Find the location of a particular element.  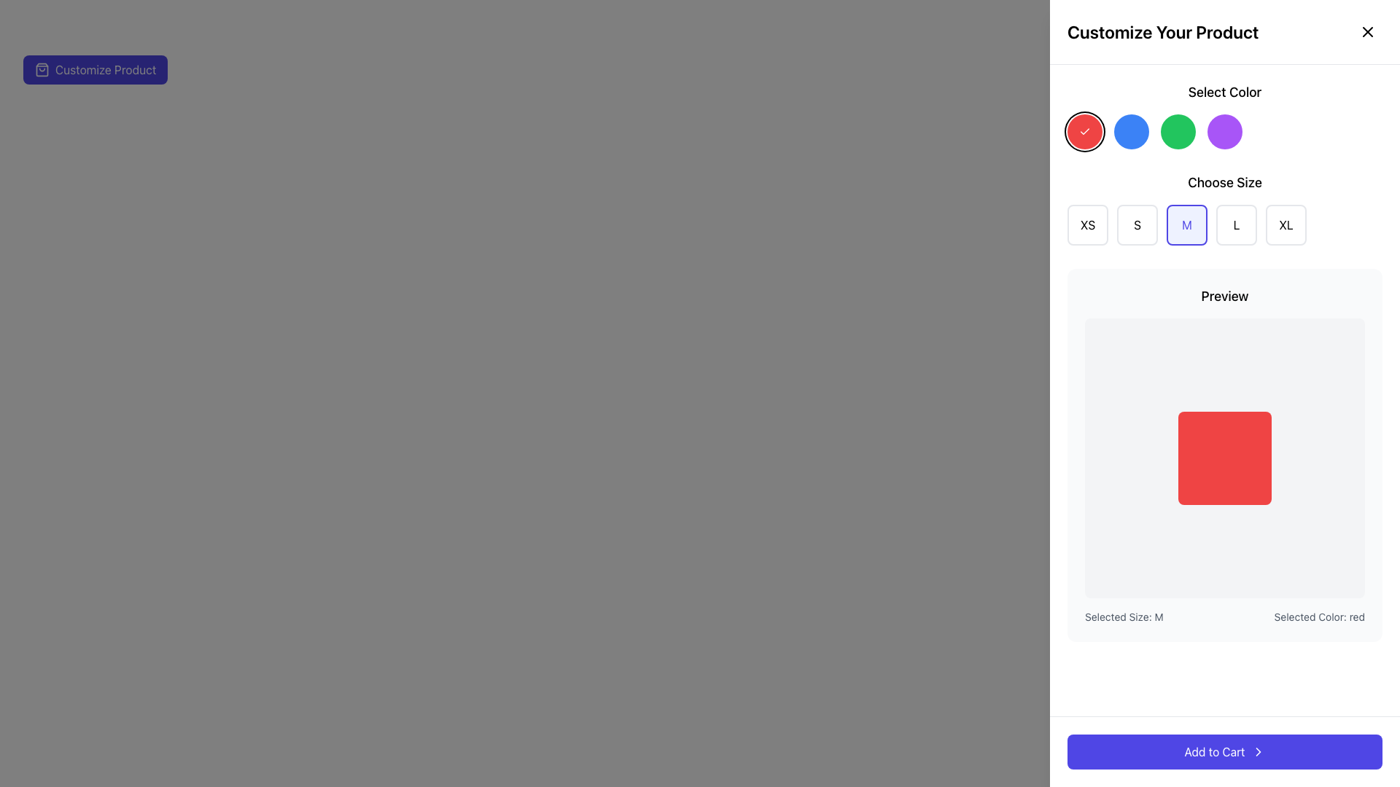

the leftmost button labeled 'XS' is located at coordinates (1088, 224).